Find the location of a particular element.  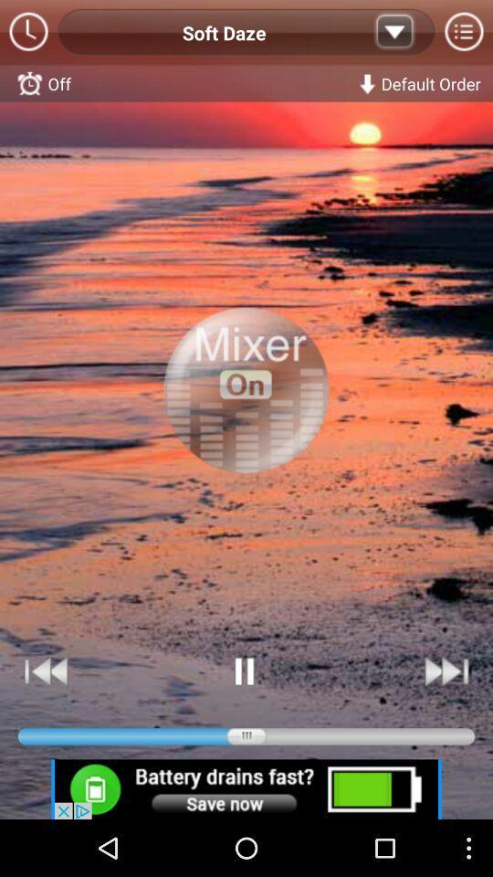

charge is located at coordinates (246, 788).